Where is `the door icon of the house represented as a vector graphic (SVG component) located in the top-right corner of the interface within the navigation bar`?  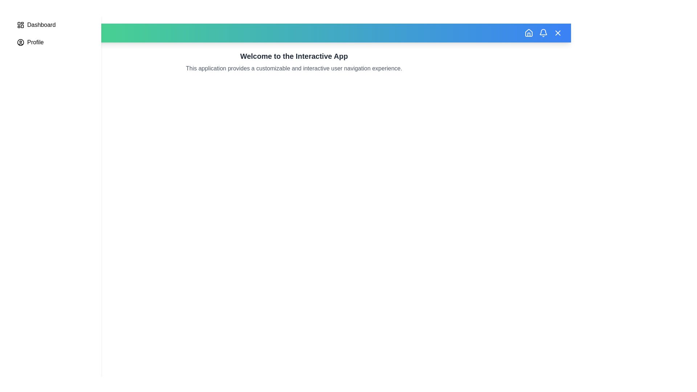 the door icon of the house represented as a vector graphic (SVG component) located in the top-right corner of the interface within the navigation bar is located at coordinates (529, 34).